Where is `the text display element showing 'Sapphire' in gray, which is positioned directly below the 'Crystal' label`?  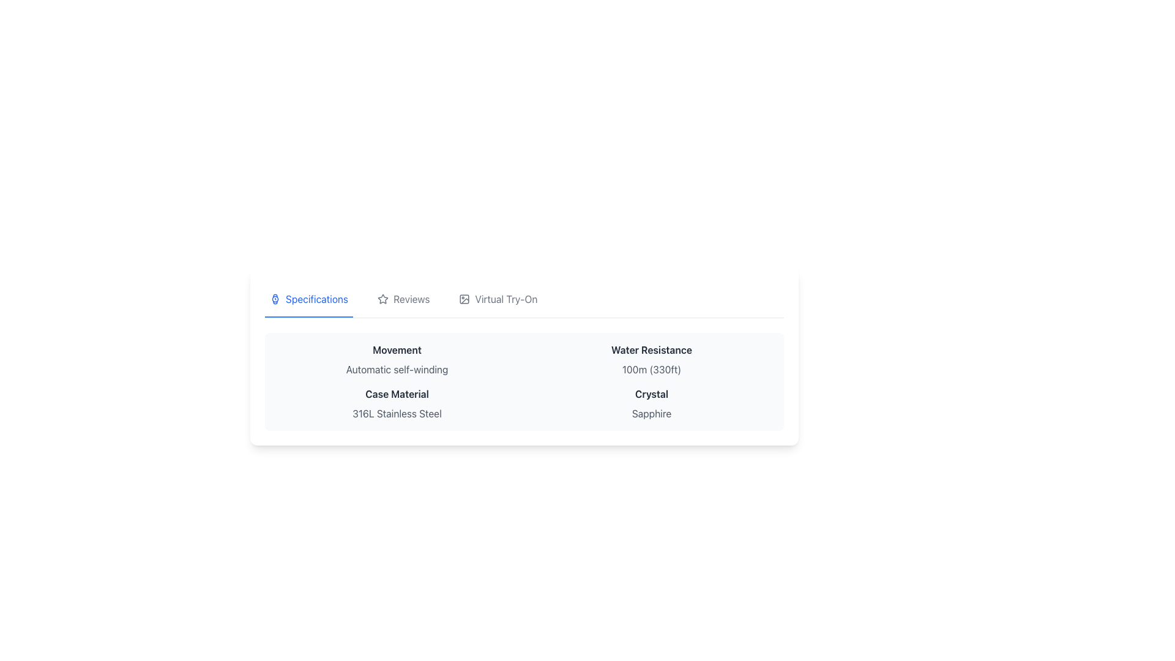
the text display element showing 'Sapphire' in gray, which is positioned directly below the 'Crystal' label is located at coordinates (651, 413).